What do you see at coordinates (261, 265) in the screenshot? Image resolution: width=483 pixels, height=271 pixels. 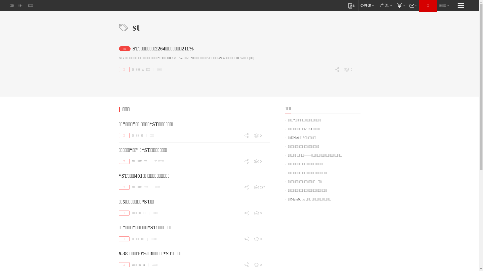 I see `'0'` at bounding box center [261, 265].